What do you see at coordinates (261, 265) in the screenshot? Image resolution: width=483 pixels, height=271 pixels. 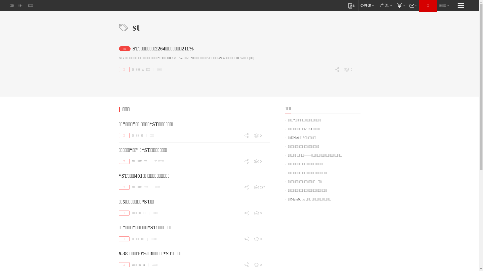 I see `'0'` at bounding box center [261, 265].